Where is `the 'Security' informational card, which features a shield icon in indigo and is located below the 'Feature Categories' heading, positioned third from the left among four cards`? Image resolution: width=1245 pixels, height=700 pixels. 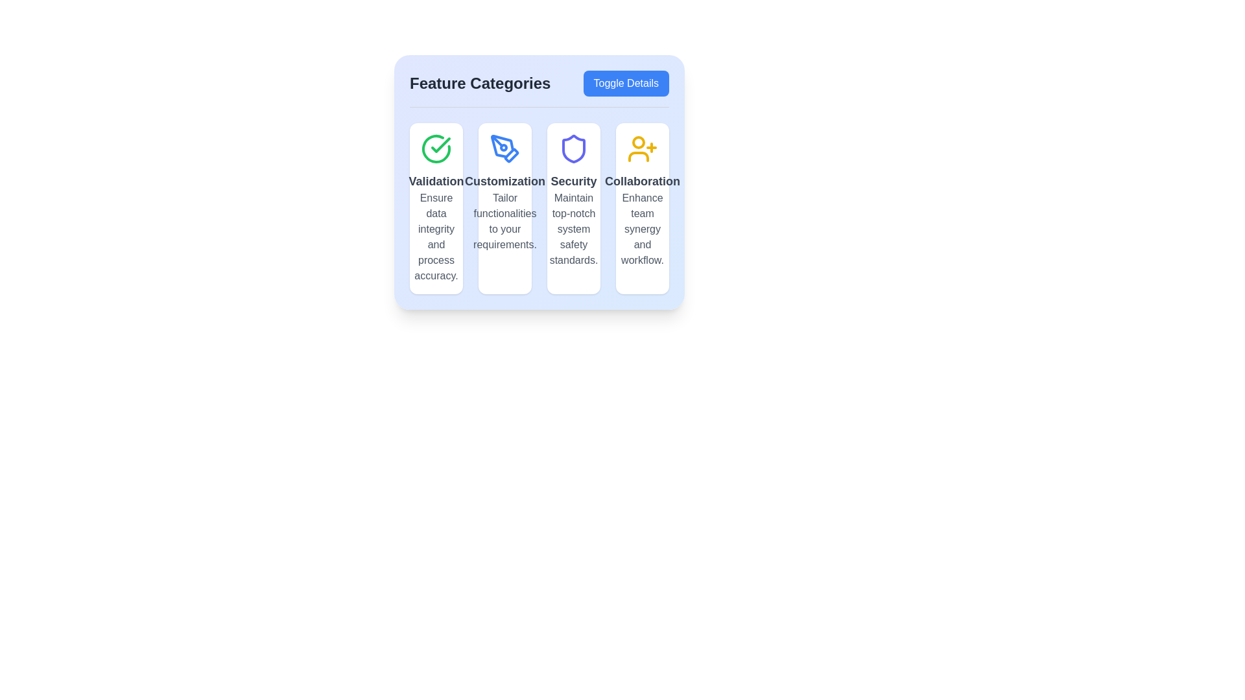
the 'Security' informational card, which features a shield icon in indigo and is located below the 'Feature Categories' heading, positioned third from the left among four cards is located at coordinates (573, 207).